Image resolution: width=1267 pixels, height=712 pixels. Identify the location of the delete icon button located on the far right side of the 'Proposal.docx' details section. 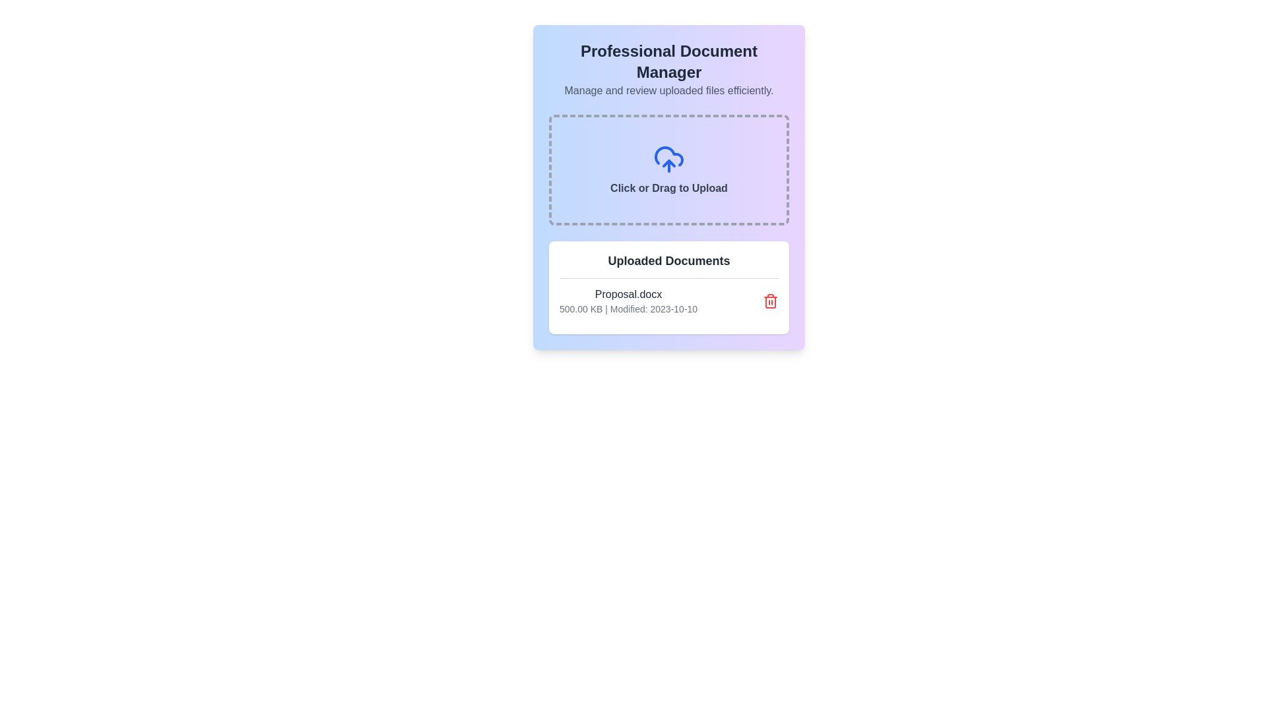
(770, 301).